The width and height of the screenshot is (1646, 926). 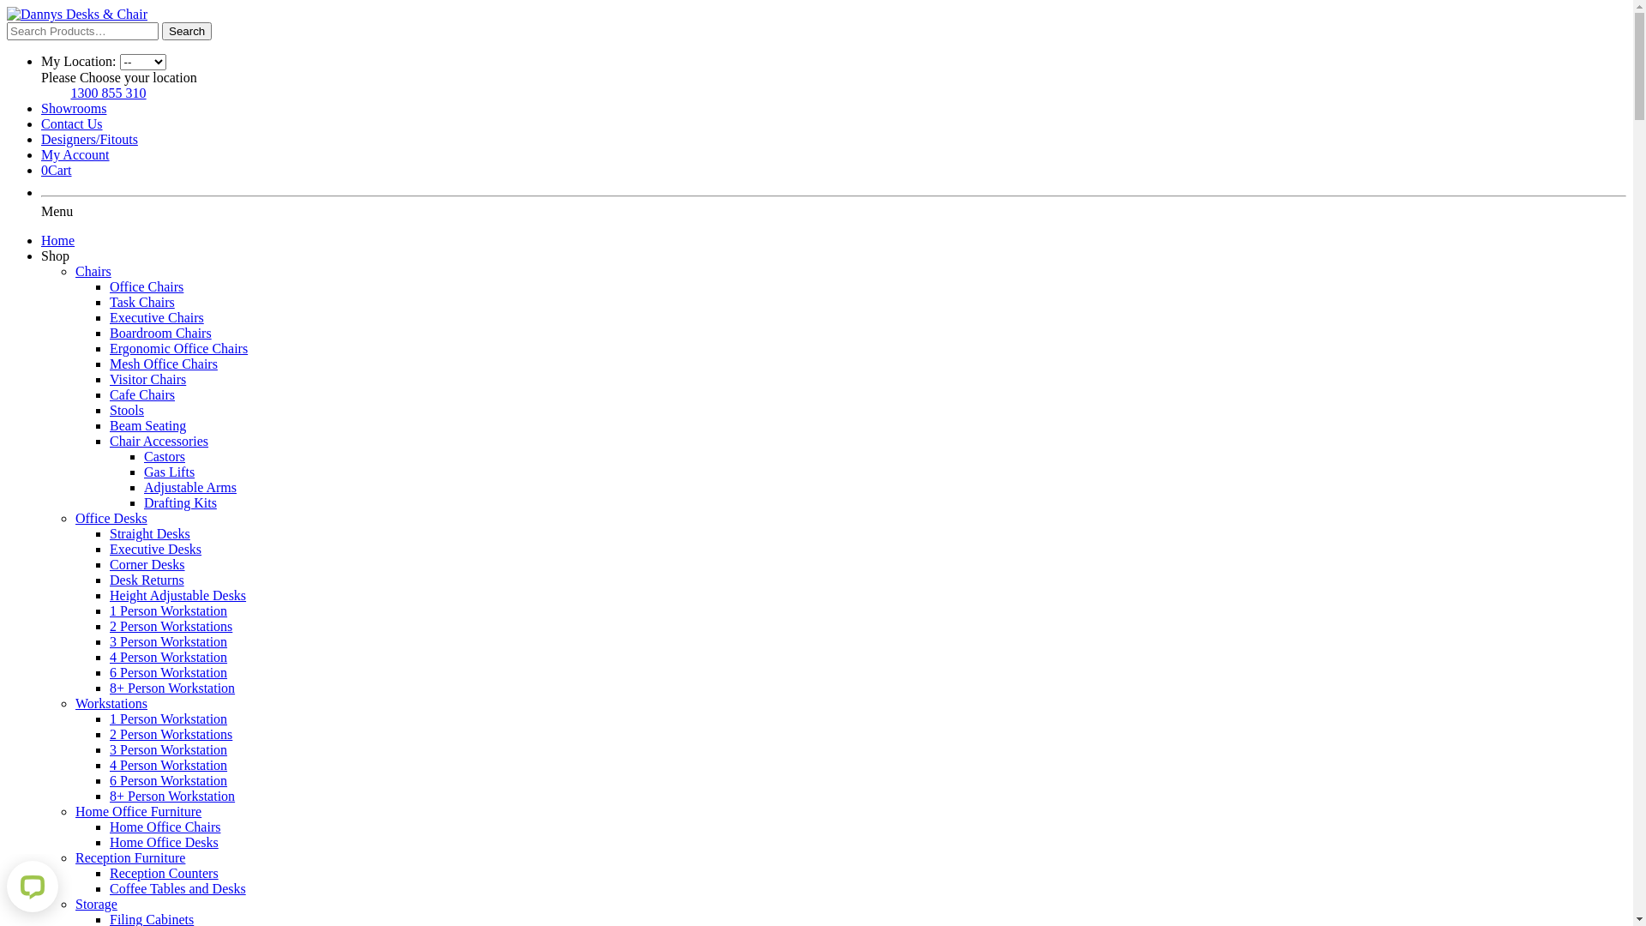 I want to click on 'Adjustable Arms', so click(x=189, y=487).